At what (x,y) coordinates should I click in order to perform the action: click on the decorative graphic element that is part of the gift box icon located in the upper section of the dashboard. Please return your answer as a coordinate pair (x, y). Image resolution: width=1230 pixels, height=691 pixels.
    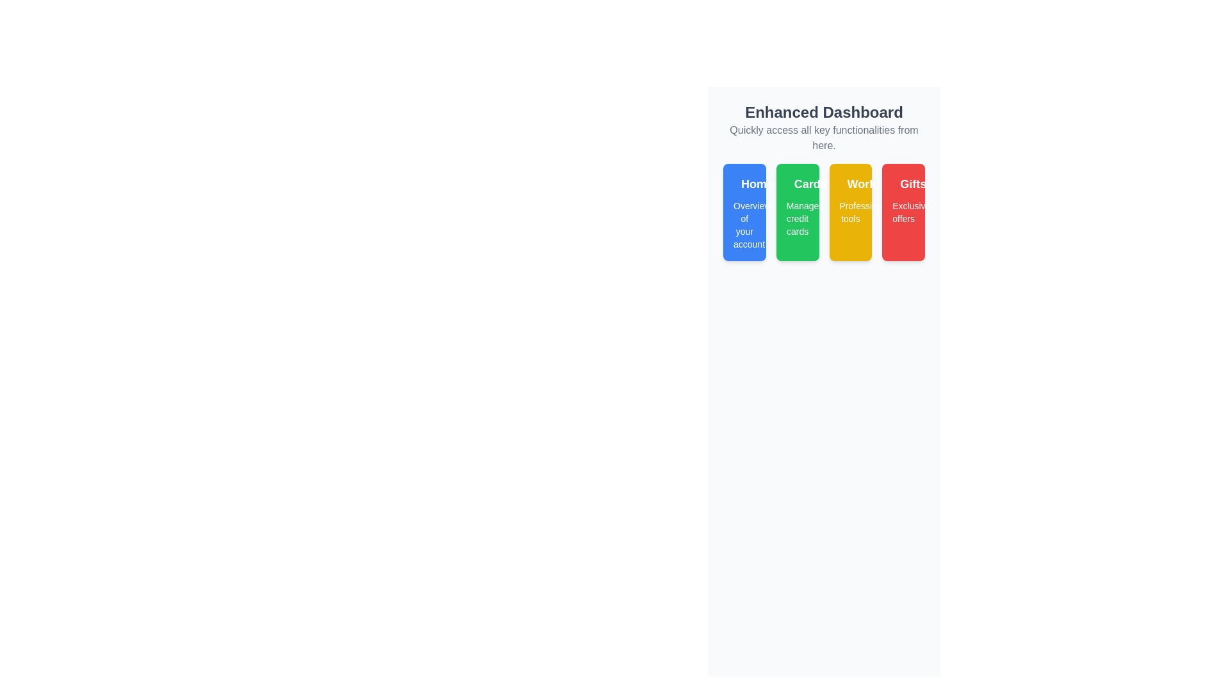
    Looking at the image, I should click on (899, 180).